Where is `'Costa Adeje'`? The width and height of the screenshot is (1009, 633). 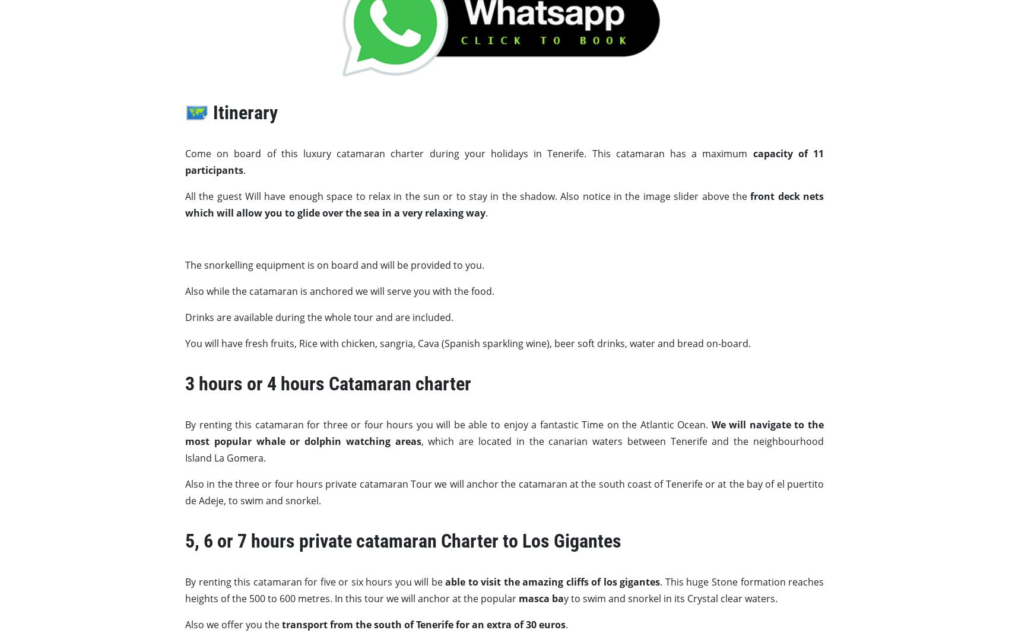
'Costa Adeje' is located at coordinates (122, 399).